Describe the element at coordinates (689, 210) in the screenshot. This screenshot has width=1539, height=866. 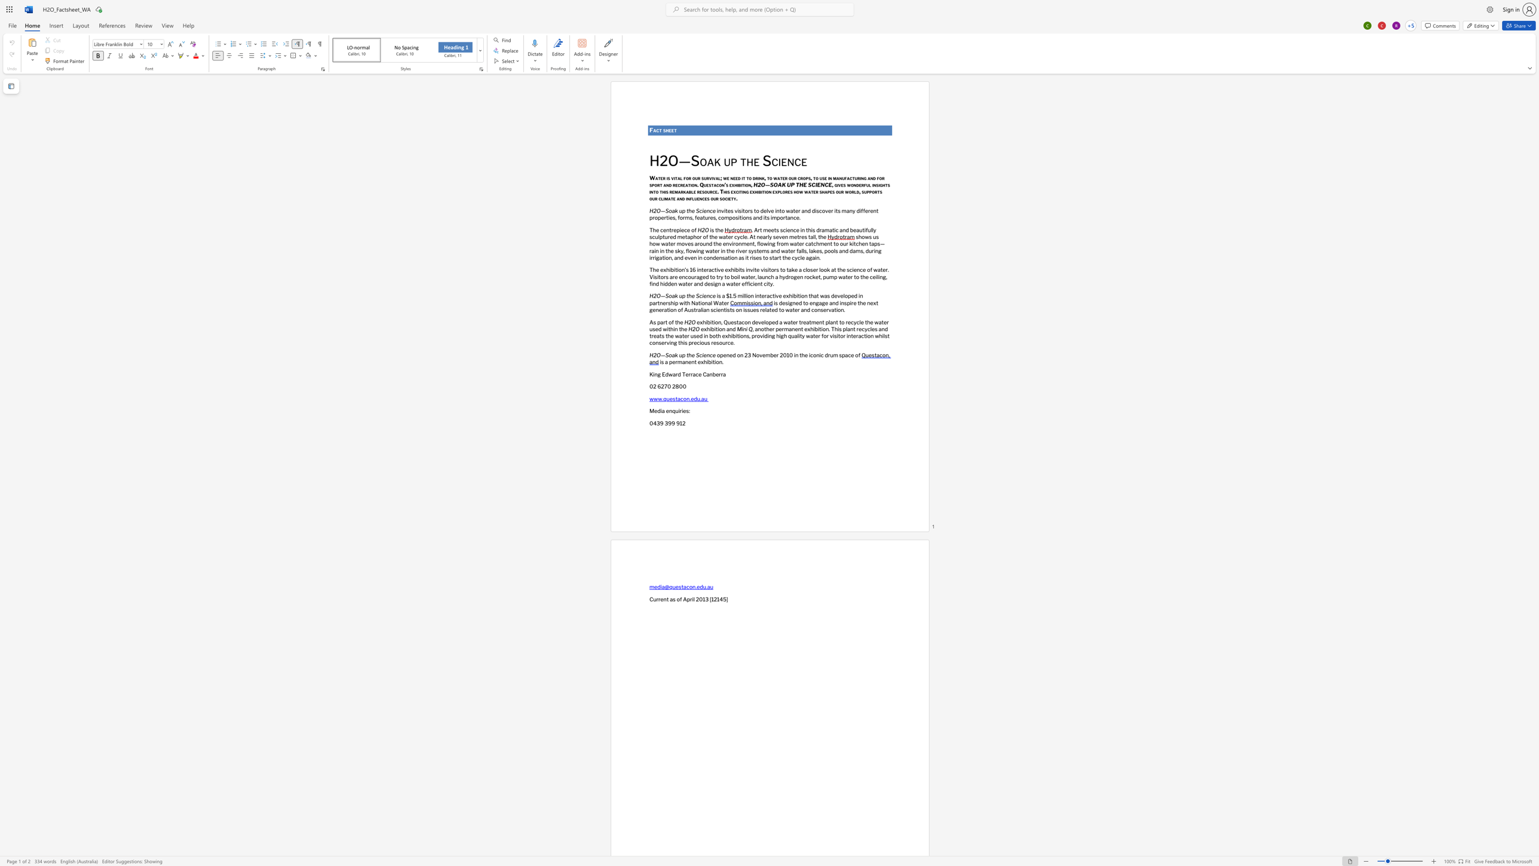
I see `the 1th character "h" in the text` at that location.